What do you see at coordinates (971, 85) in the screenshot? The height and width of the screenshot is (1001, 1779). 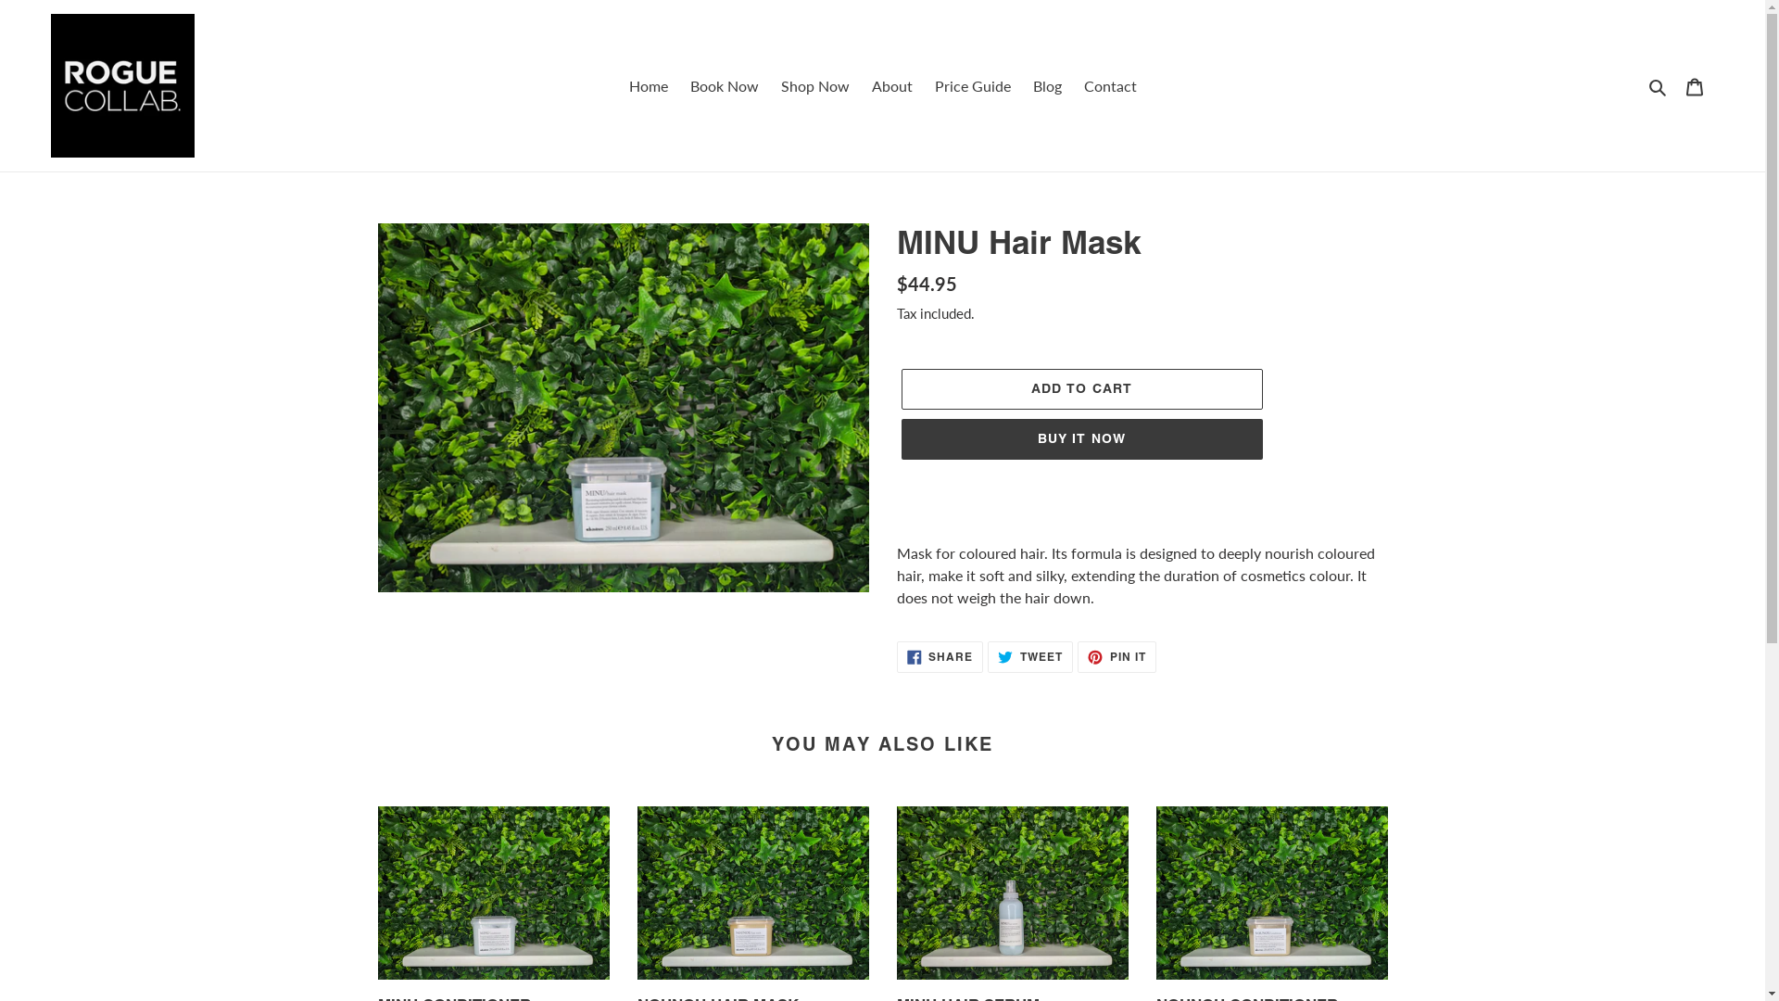 I see `'Price Guide'` at bounding box center [971, 85].